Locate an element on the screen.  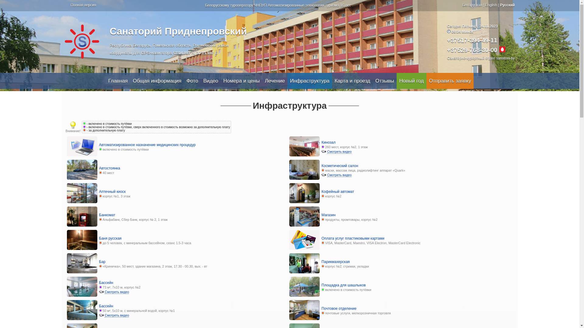
'+37517-394-49-11' is located at coordinates (472, 40).